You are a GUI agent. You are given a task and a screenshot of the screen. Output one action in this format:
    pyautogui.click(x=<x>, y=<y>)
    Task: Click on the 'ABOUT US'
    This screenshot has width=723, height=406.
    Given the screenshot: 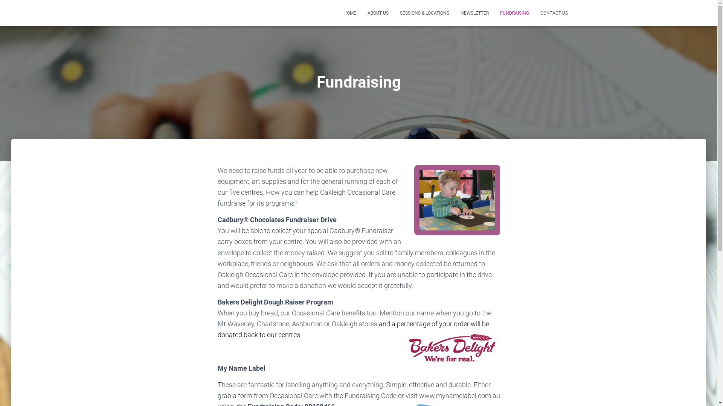 What is the action you would take?
    pyautogui.click(x=378, y=13)
    